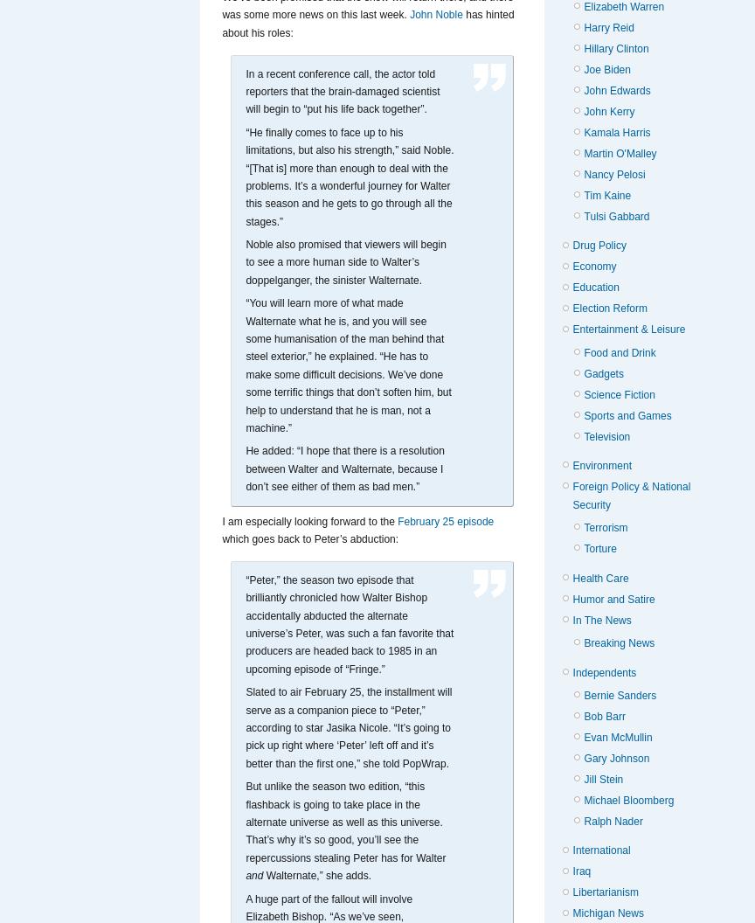  Describe the element at coordinates (604, 716) in the screenshot. I see `'Bob Barr'` at that location.